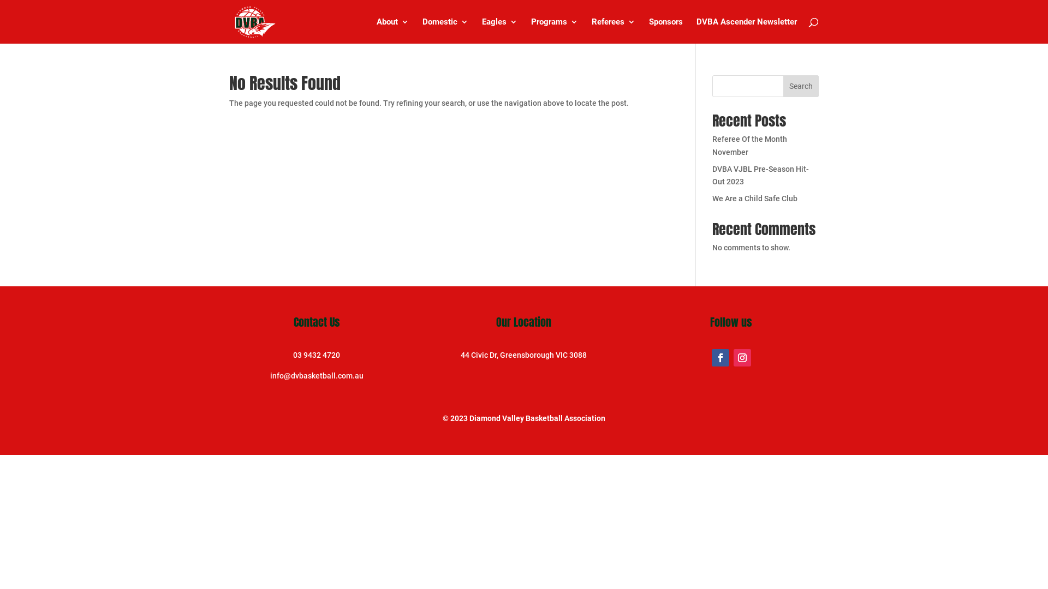 The image size is (1048, 589). What do you see at coordinates (801, 86) in the screenshot?
I see `'Search'` at bounding box center [801, 86].